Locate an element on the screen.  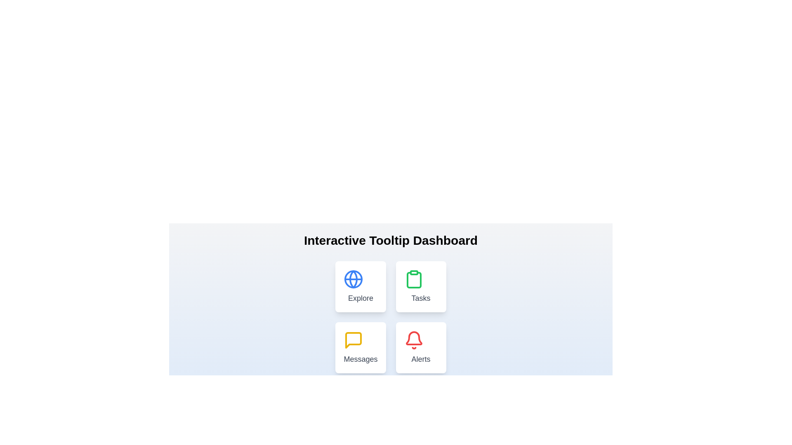
the Text Label located in the lower-left card of a four-card layout, which is directly below the yellow chat bubble icon is located at coordinates (361, 358).